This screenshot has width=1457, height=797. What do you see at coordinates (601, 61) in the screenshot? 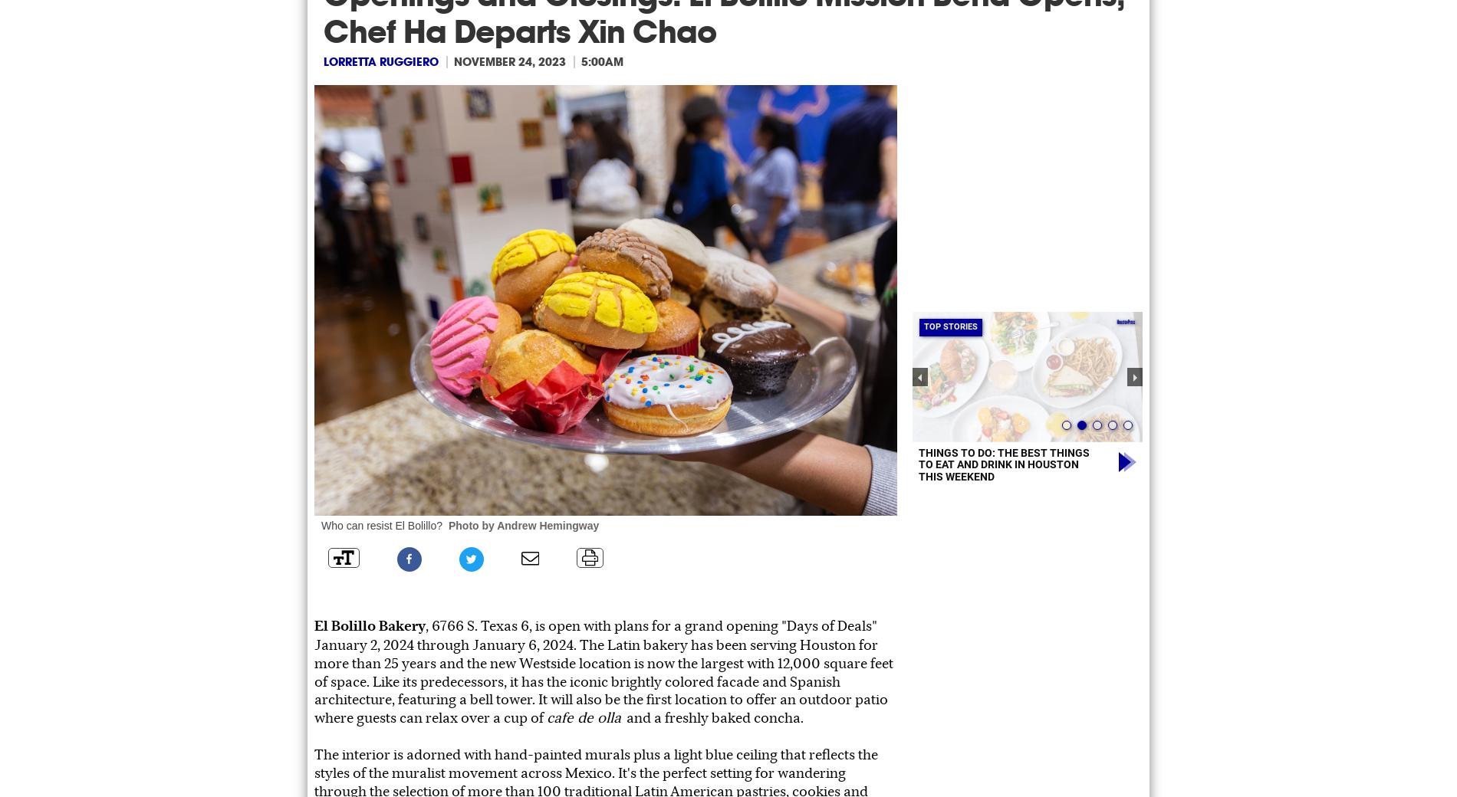
I see `'5:00AM'` at bounding box center [601, 61].